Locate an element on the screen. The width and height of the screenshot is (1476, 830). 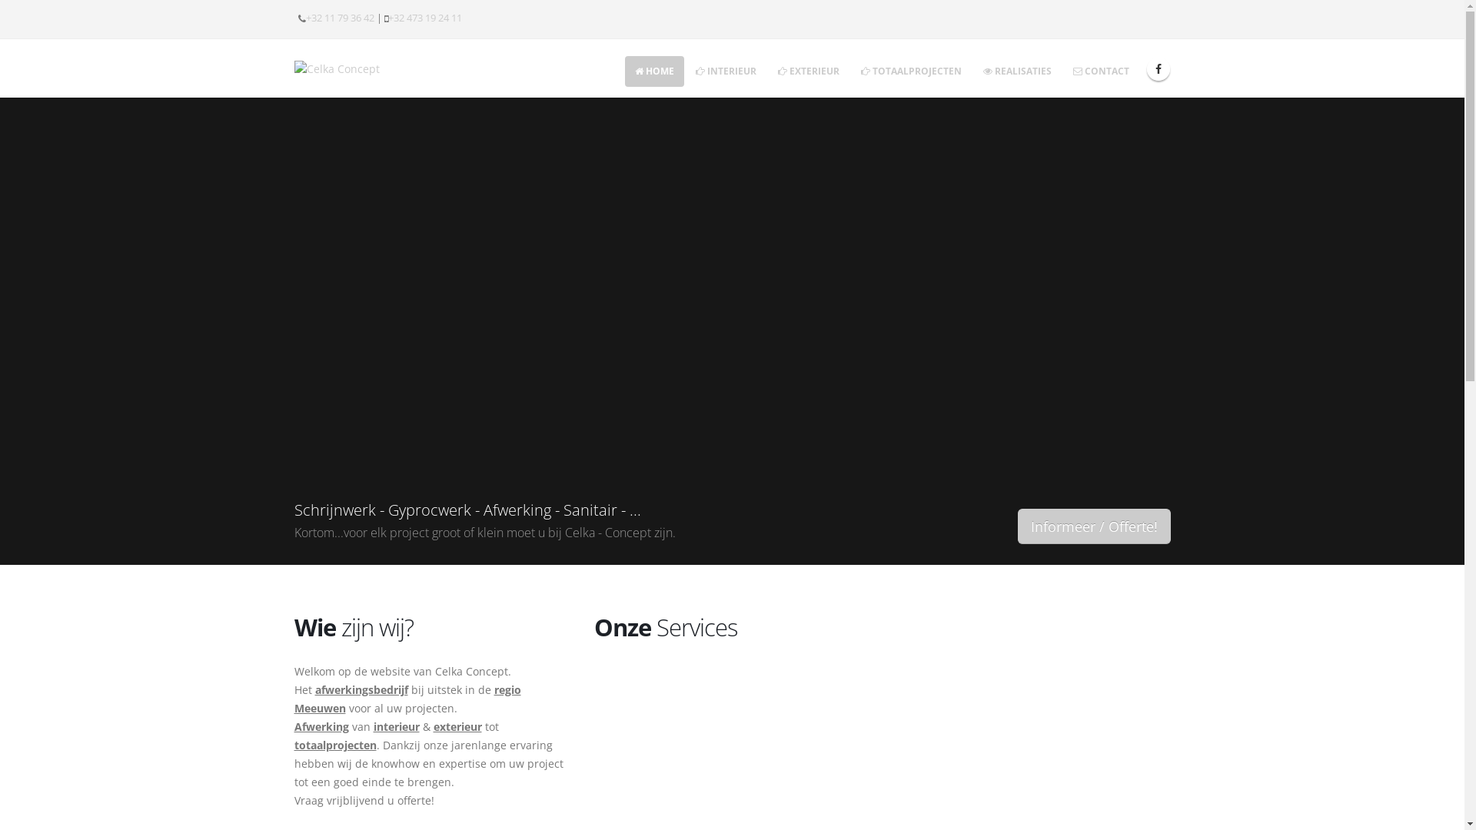
'EXTERIEUR' is located at coordinates (807, 71).